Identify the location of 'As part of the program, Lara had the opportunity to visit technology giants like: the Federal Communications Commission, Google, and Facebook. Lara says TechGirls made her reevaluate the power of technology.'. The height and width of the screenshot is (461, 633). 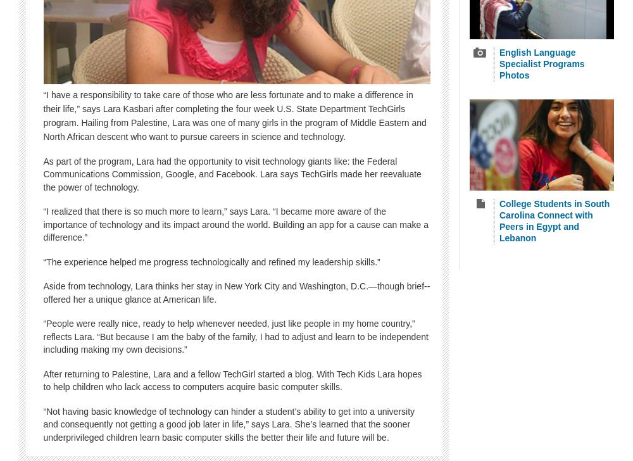
(231, 174).